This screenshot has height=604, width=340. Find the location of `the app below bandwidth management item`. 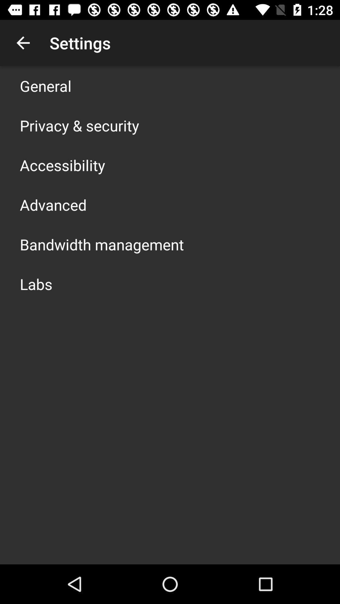

the app below bandwidth management item is located at coordinates (36, 283).